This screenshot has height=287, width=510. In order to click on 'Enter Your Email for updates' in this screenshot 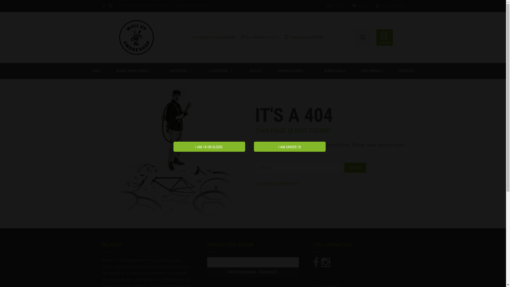, I will do `click(252, 272)`.